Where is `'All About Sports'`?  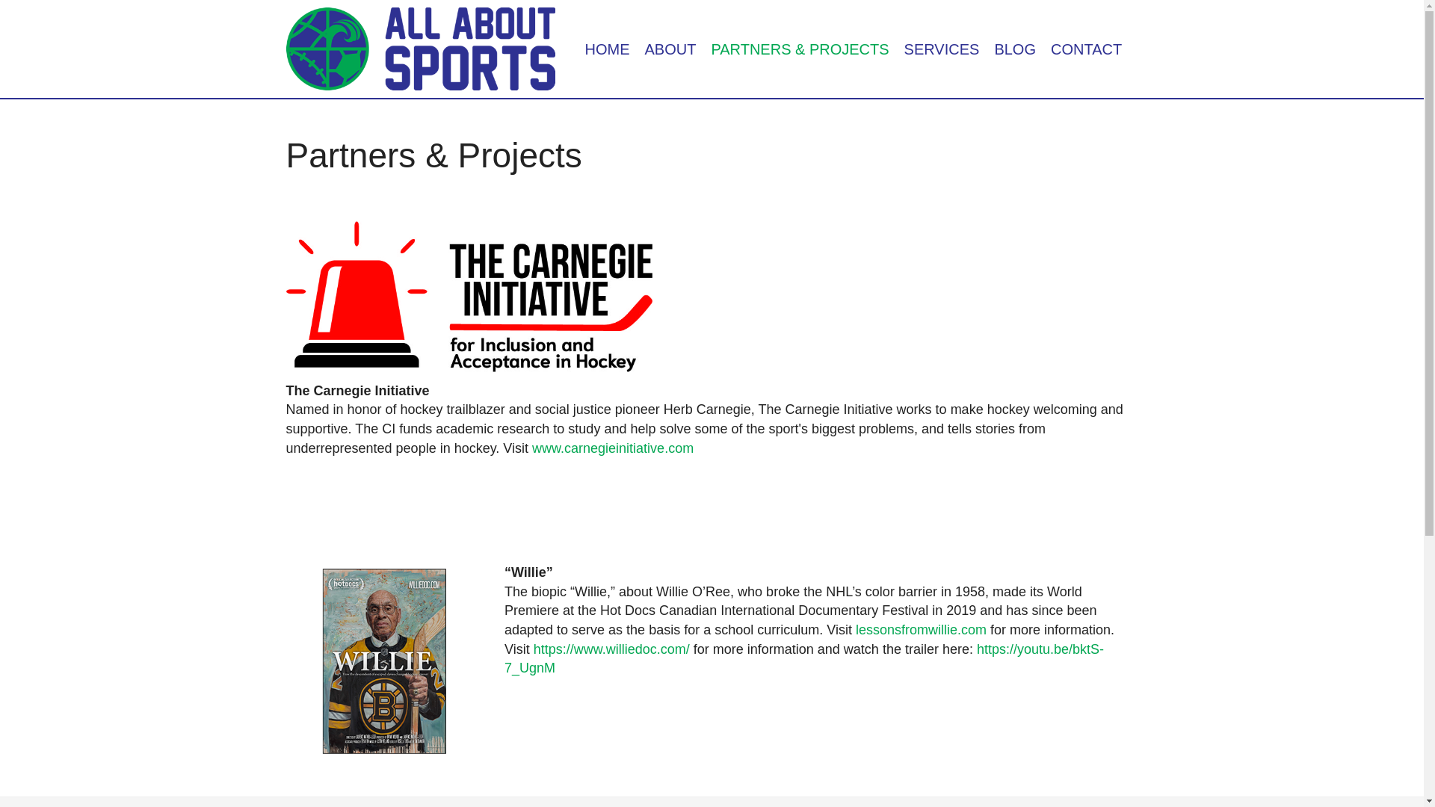 'All About Sports' is located at coordinates (419, 48).